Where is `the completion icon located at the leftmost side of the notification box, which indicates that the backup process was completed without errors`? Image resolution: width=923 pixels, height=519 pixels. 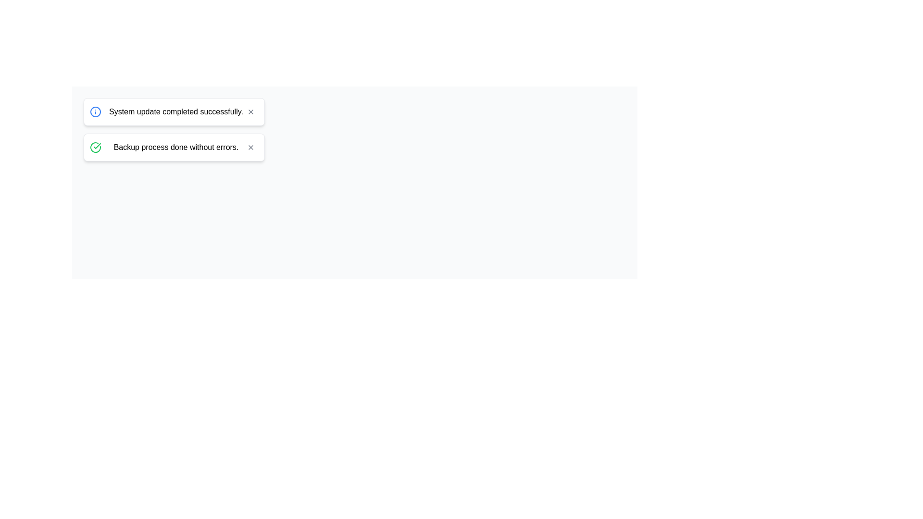
the completion icon located at the leftmost side of the notification box, which indicates that the backup process was completed without errors is located at coordinates (95, 148).